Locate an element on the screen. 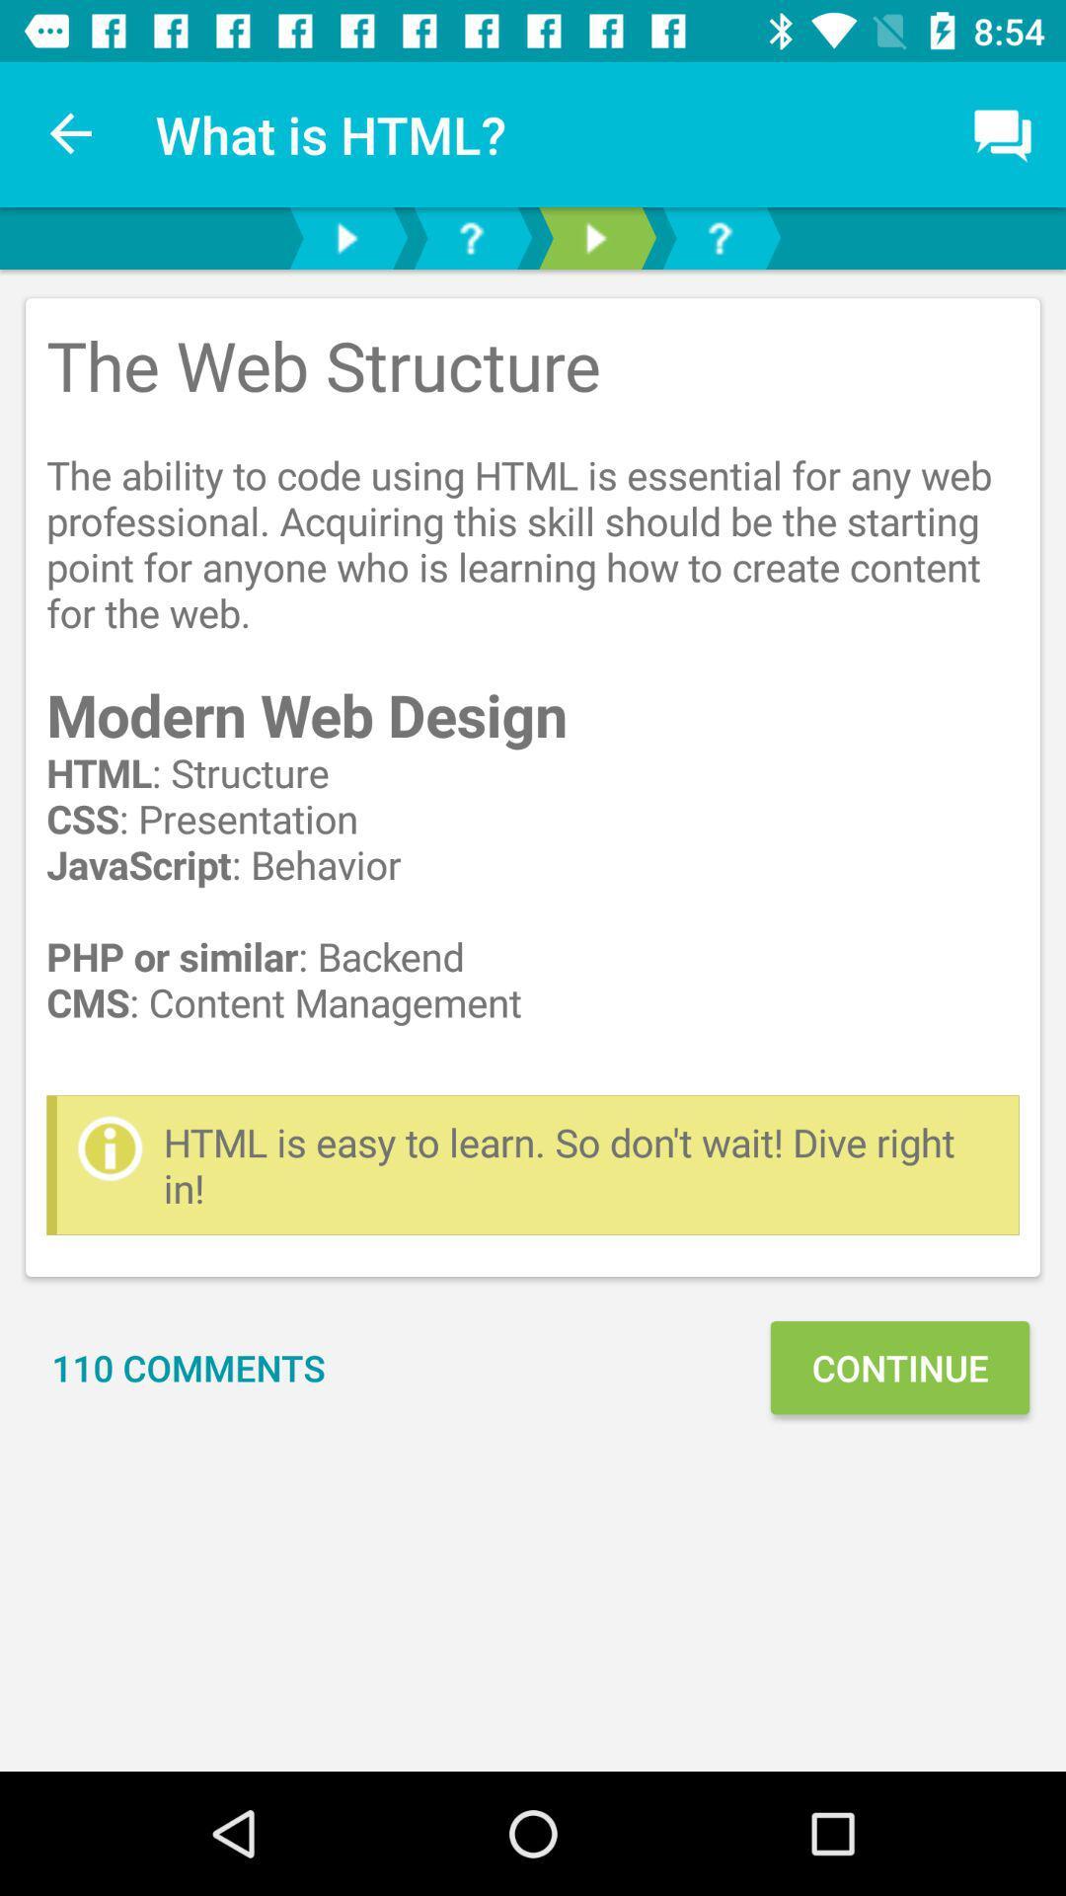 This screenshot has width=1066, height=1896. item below the html is easy icon is located at coordinates (189, 1367).